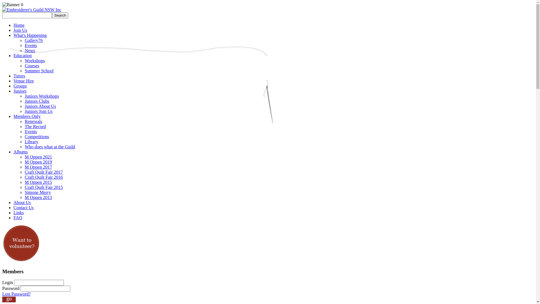 This screenshot has width=540, height=304. What do you see at coordinates (33, 121) in the screenshot?
I see `'Renewals'` at bounding box center [33, 121].